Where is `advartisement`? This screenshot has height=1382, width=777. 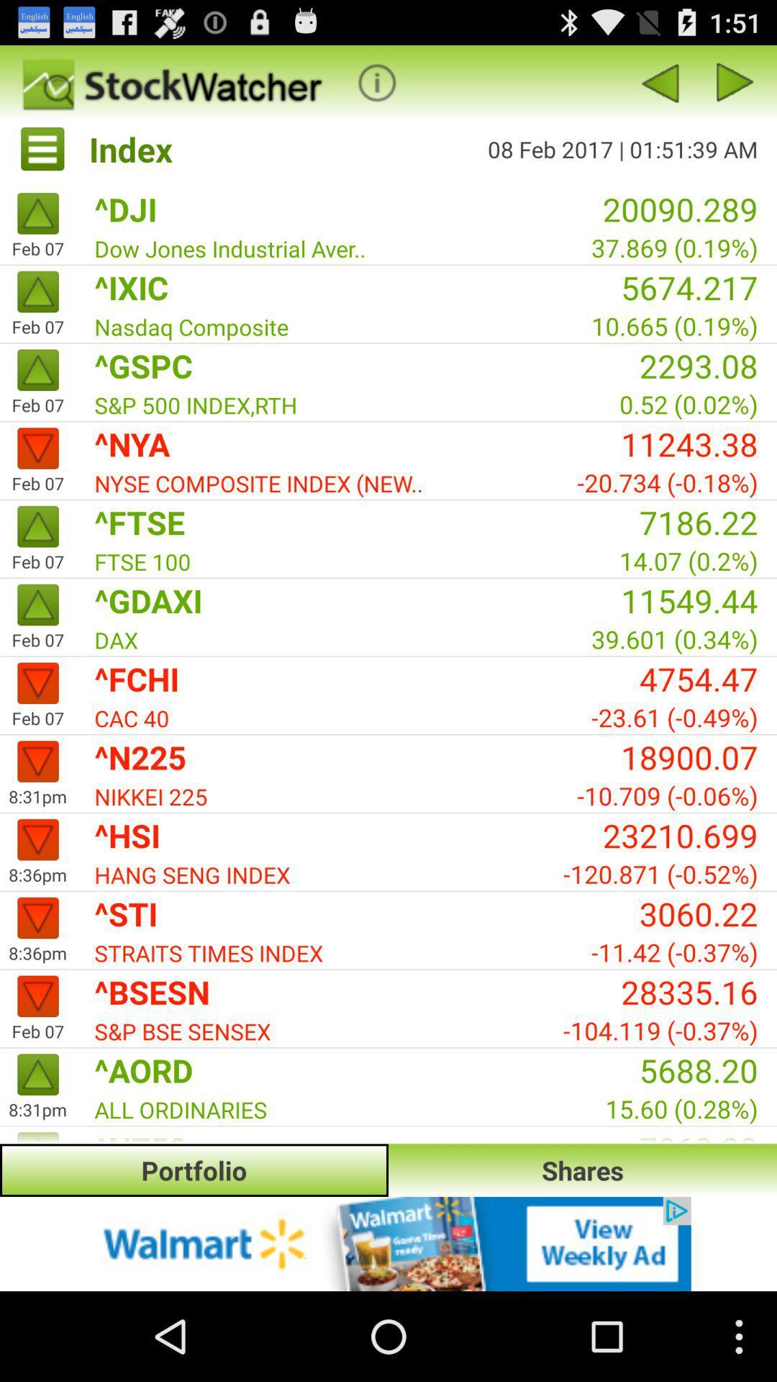
advartisement is located at coordinates (388, 1243).